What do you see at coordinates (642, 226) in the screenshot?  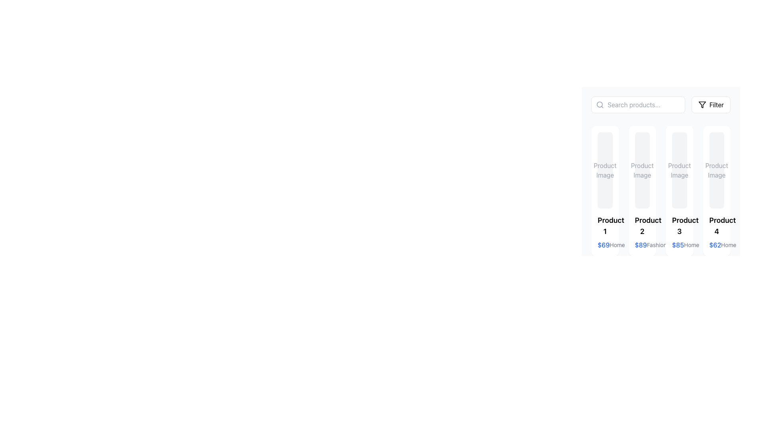 I see `the text label displaying 'Product 2', which is centrally located below the product image and above the price and category details` at bounding box center [642, 226].